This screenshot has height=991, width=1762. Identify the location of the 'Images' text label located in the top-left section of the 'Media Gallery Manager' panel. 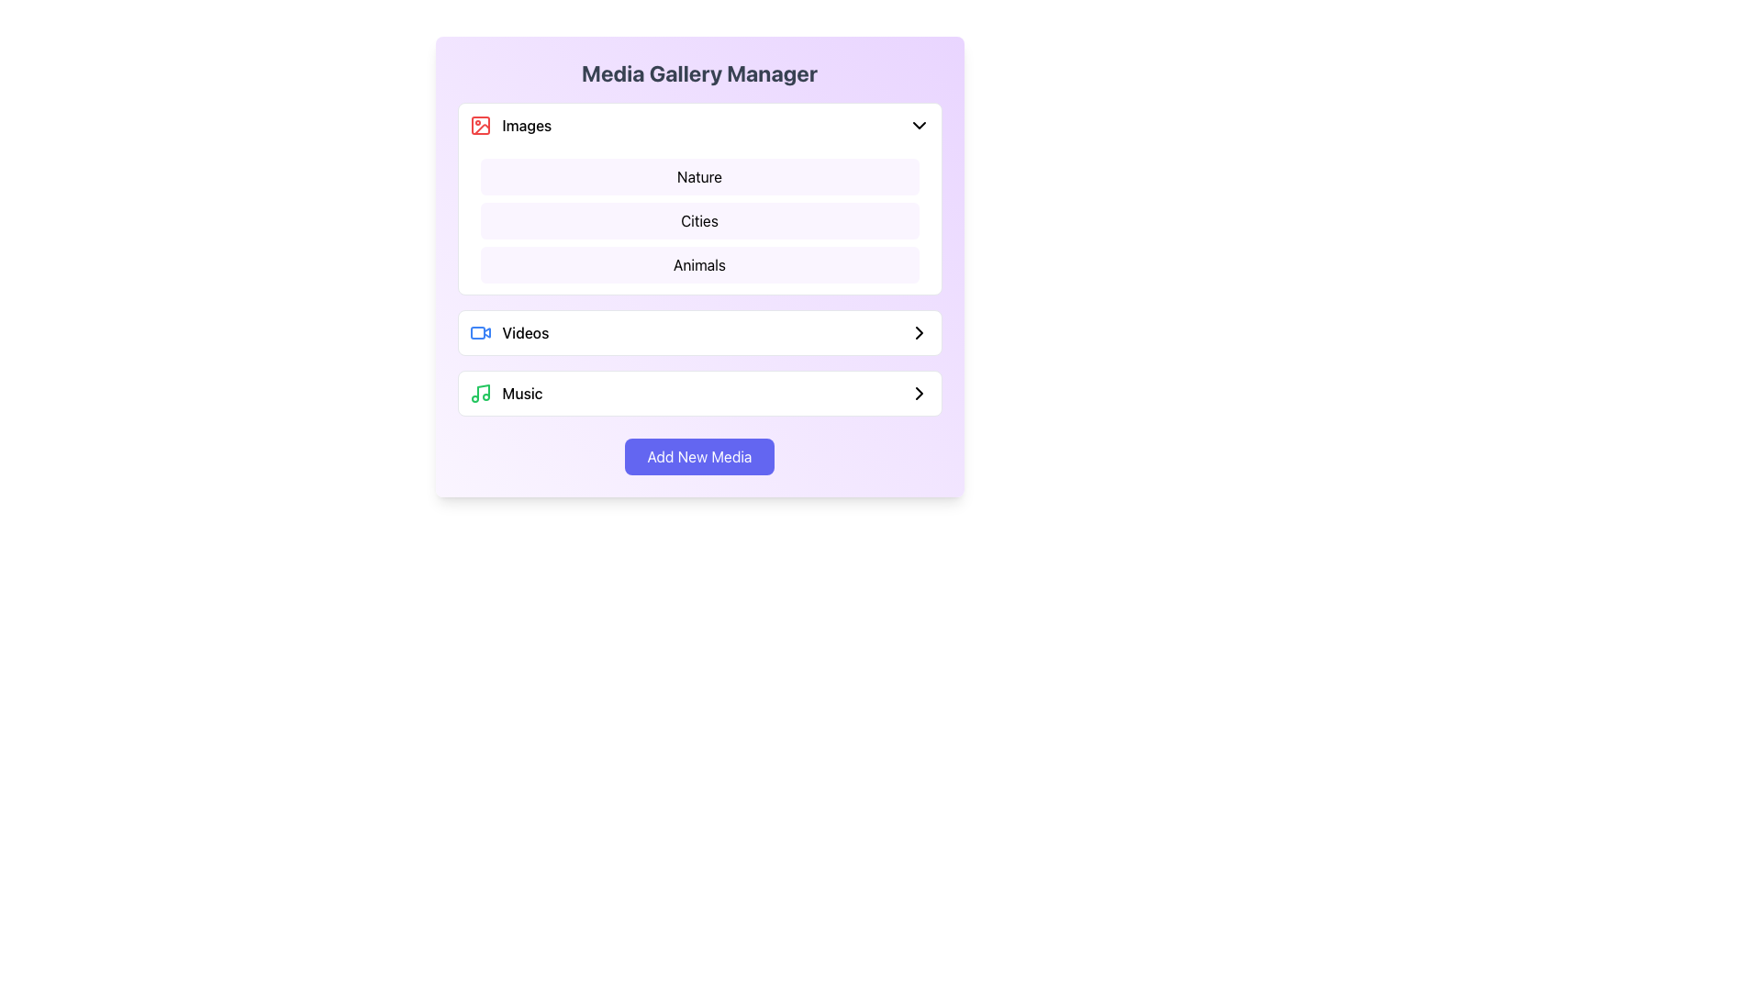
(526, 125).